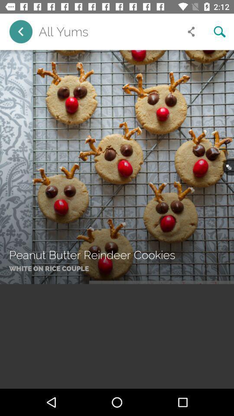 The width and height of the screenshot is (234, 416). Describe the element at coordinates (21, 32) in the screenshot. I see `the icon to the left of the all yums item` at that location.